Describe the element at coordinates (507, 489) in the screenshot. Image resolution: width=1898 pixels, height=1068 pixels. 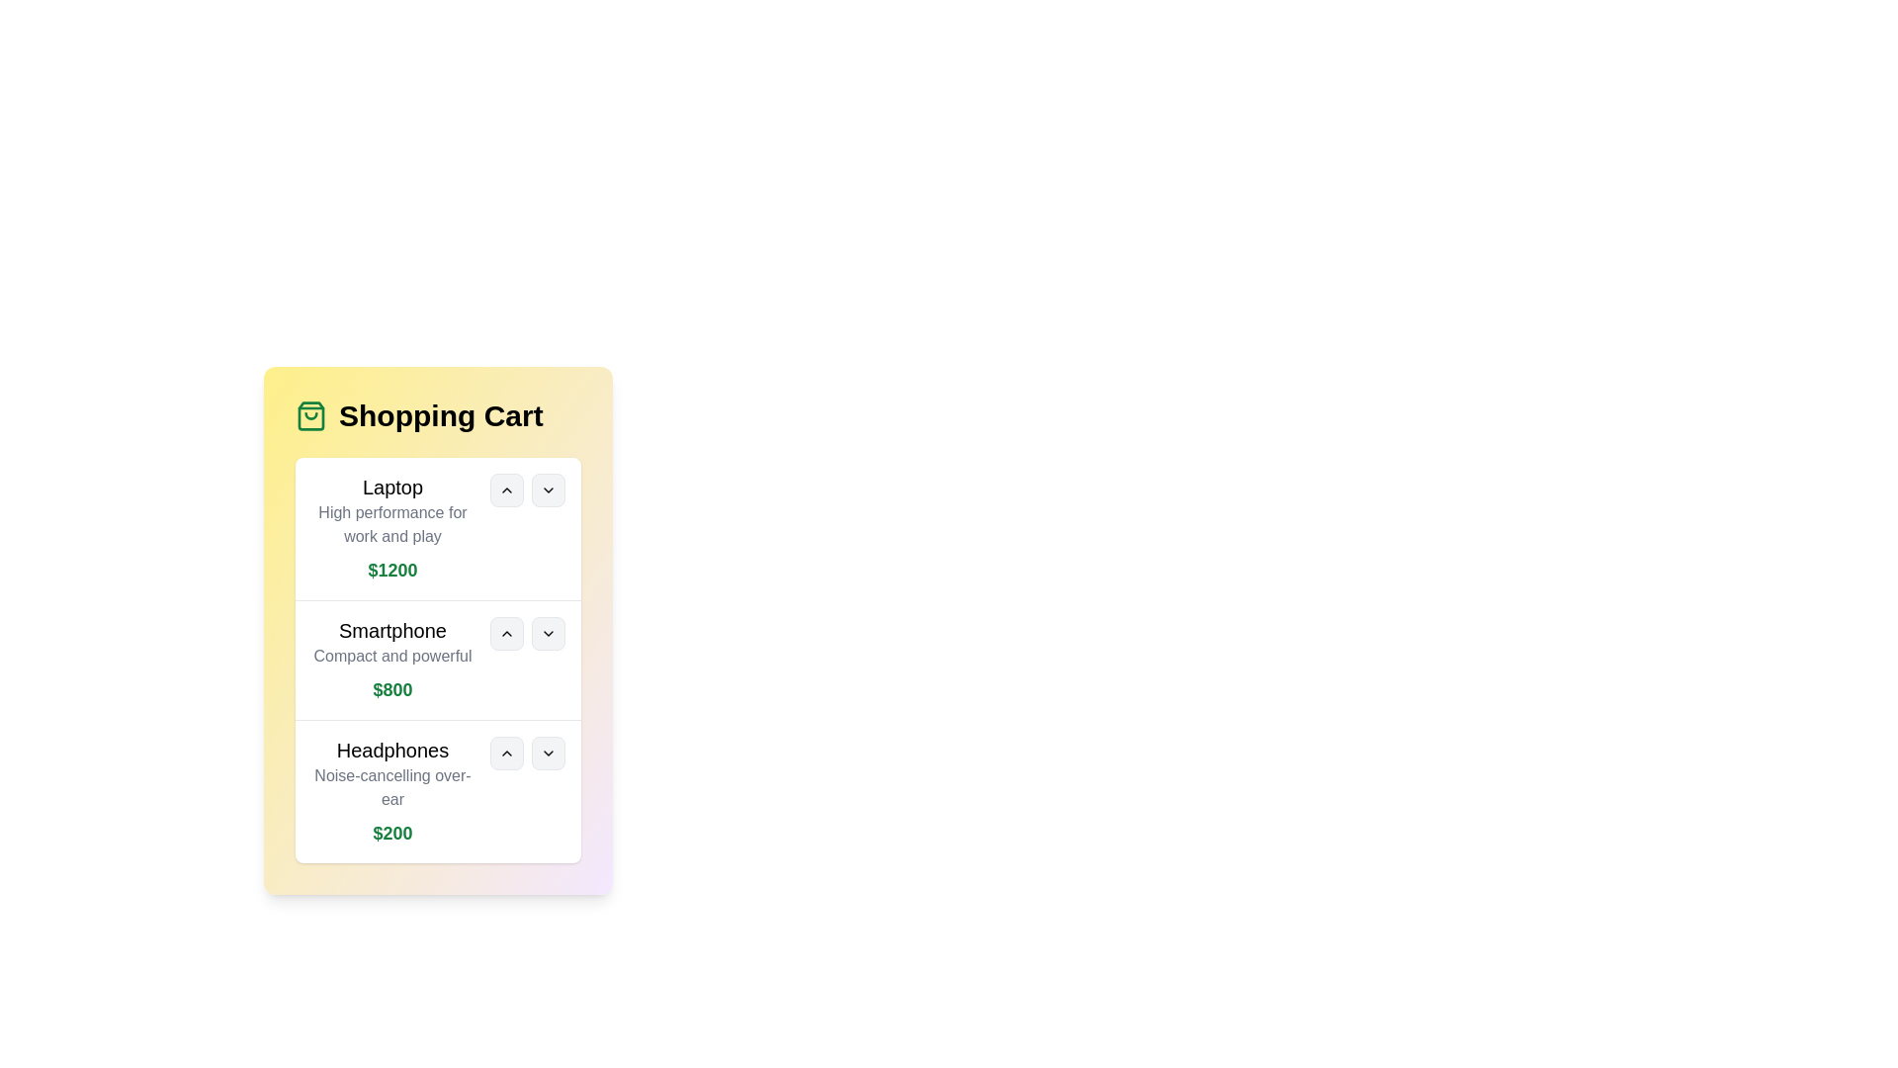
I see `'Up' button to increase the quantity of the product` at that location.